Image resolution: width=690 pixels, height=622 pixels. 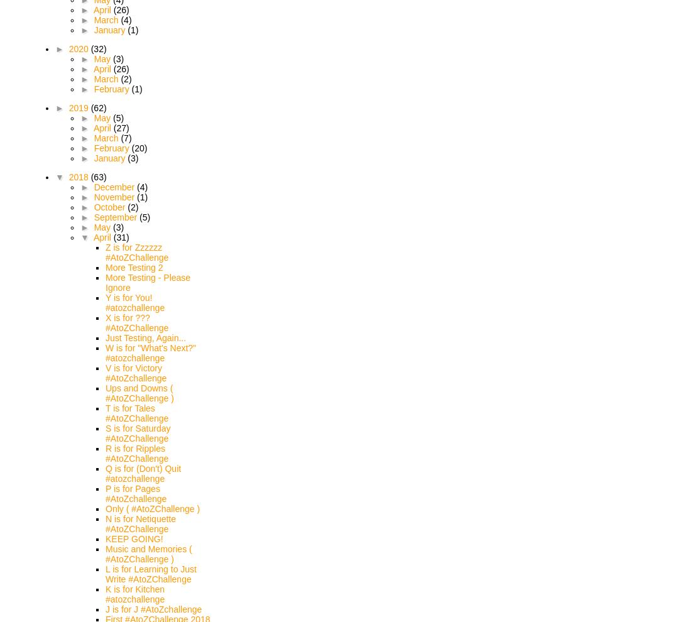 What do you see at coordinates (130, 148) in the screenshot?
I see `'(20)'` at bounding box center [130, 148].